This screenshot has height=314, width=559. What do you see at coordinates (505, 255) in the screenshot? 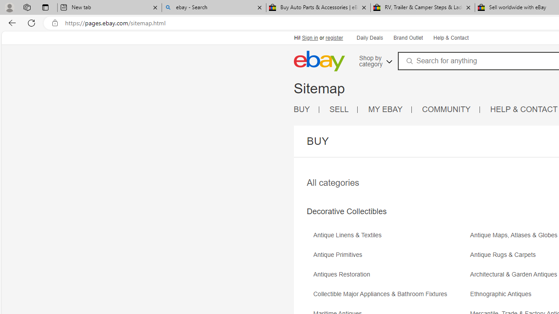
I see `'Antique Rugs & Carpets'` at bounding box center [505, 255].